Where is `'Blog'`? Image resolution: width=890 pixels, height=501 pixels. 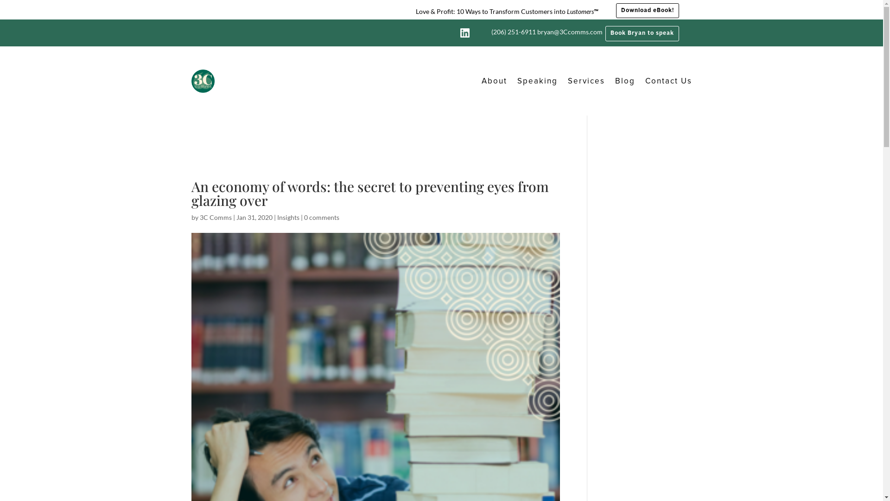 'Blog' is located at coordinates (624, 80).